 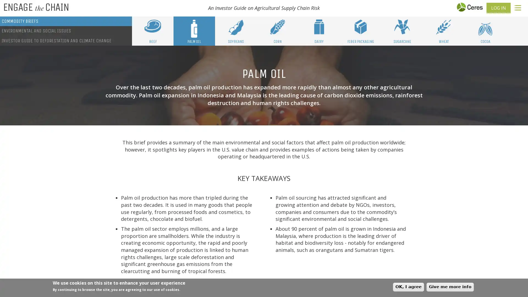 What do you see at coordinates (518, 8) in the screenshot?
I see `Toggle navigation` at bounding box center [518, 8].